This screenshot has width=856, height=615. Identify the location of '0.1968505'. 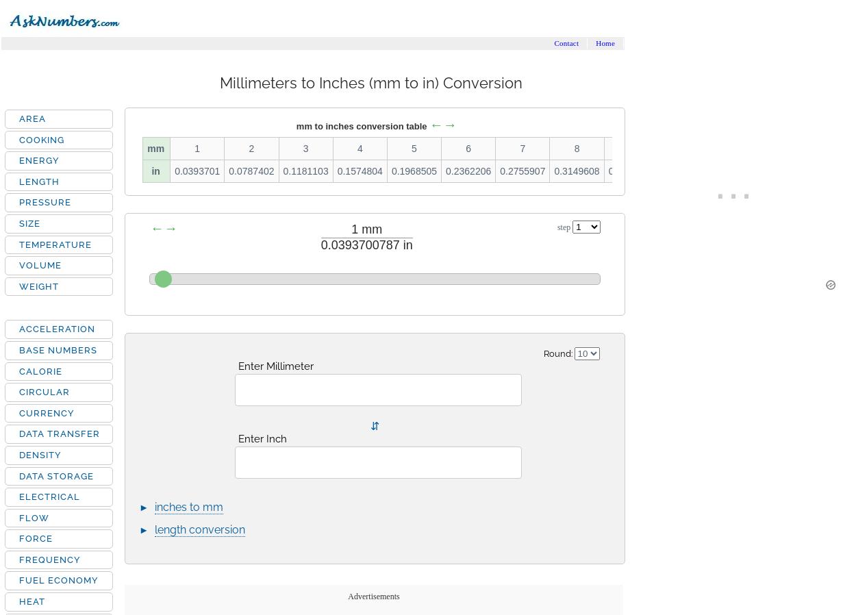
(413, 171).